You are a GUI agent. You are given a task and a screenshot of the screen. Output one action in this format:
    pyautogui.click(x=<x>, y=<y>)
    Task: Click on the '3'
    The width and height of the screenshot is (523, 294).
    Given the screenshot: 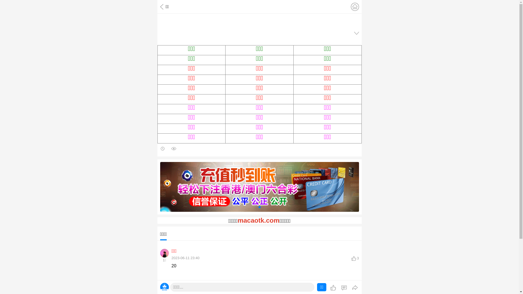 What is the action you would take?
    pyautogui.click(x=355, y=258)
    